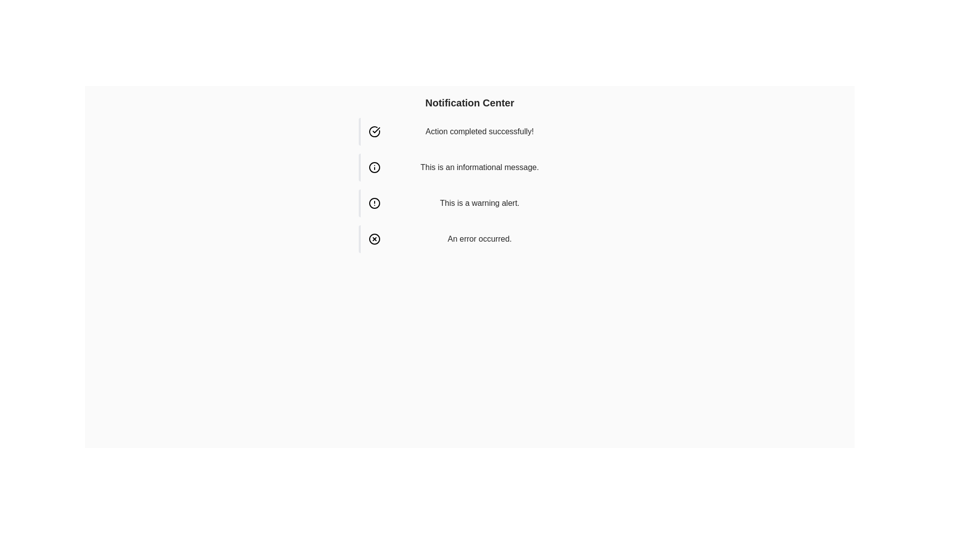  What do you see at coordinates (479, 202) in the screenshot?
I see `the text block displaying the message 'This is a warning alert.' which is the third item in the list of alerts` at bounding box center [479, 202].